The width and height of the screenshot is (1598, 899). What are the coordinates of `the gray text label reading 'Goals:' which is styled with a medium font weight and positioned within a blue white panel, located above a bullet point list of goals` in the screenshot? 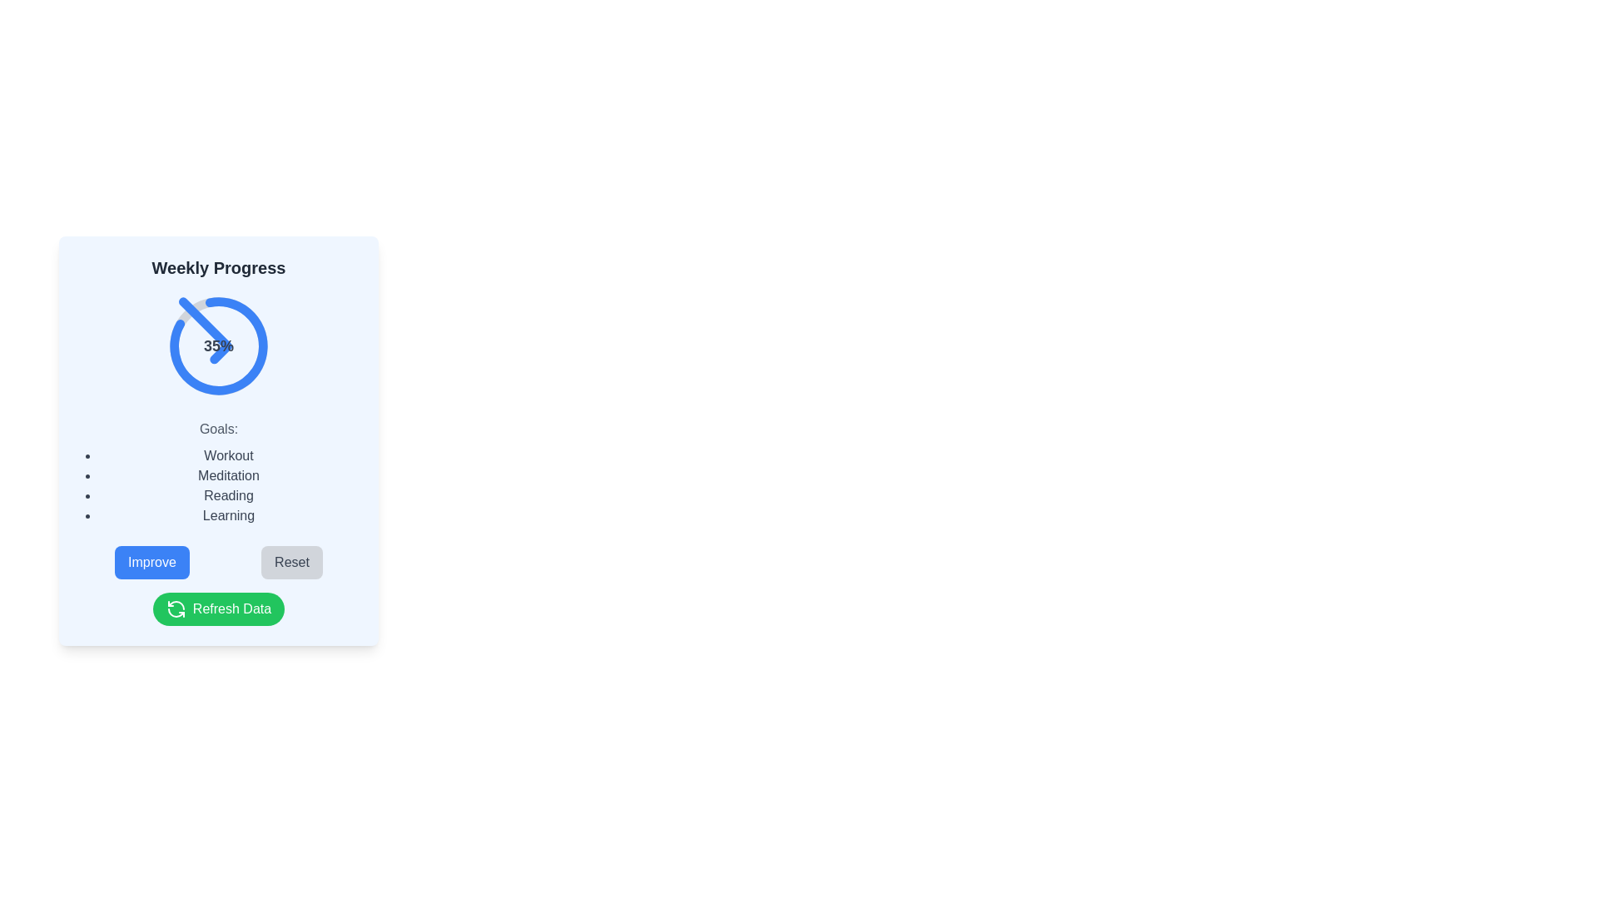 It's located at (218, 429).